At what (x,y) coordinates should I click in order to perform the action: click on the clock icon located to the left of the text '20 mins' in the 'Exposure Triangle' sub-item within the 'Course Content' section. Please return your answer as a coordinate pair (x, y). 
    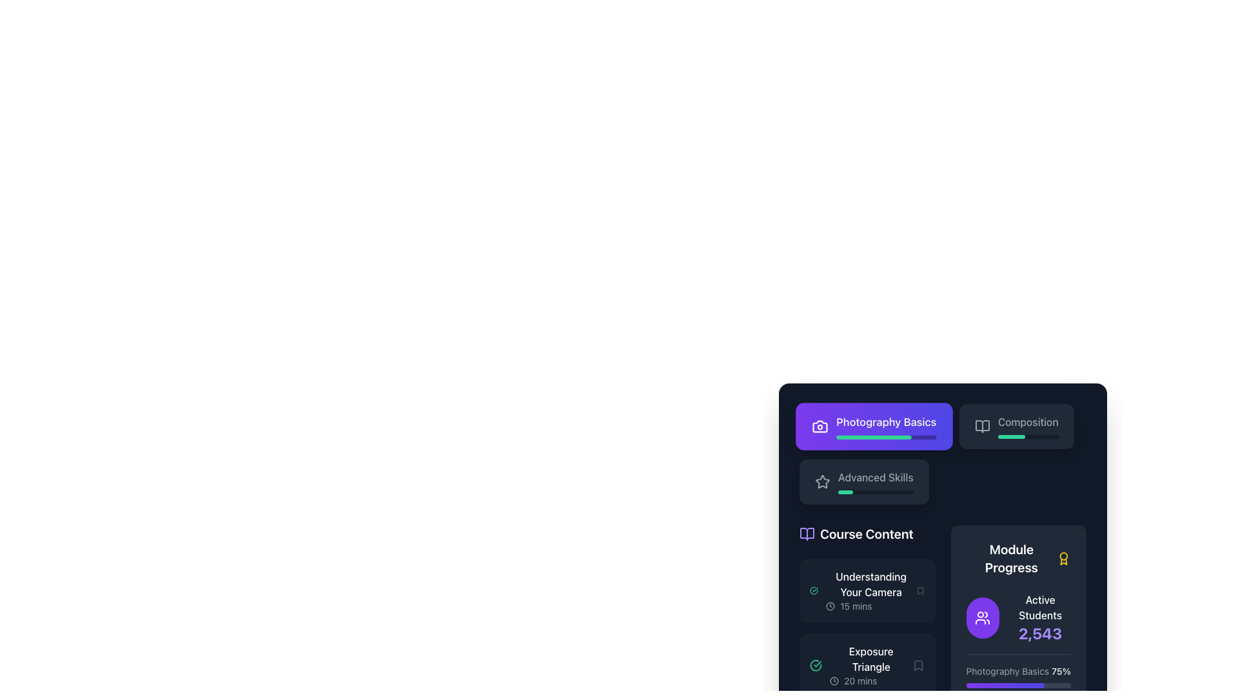
    Looking at the image, I should click on (834, 680).